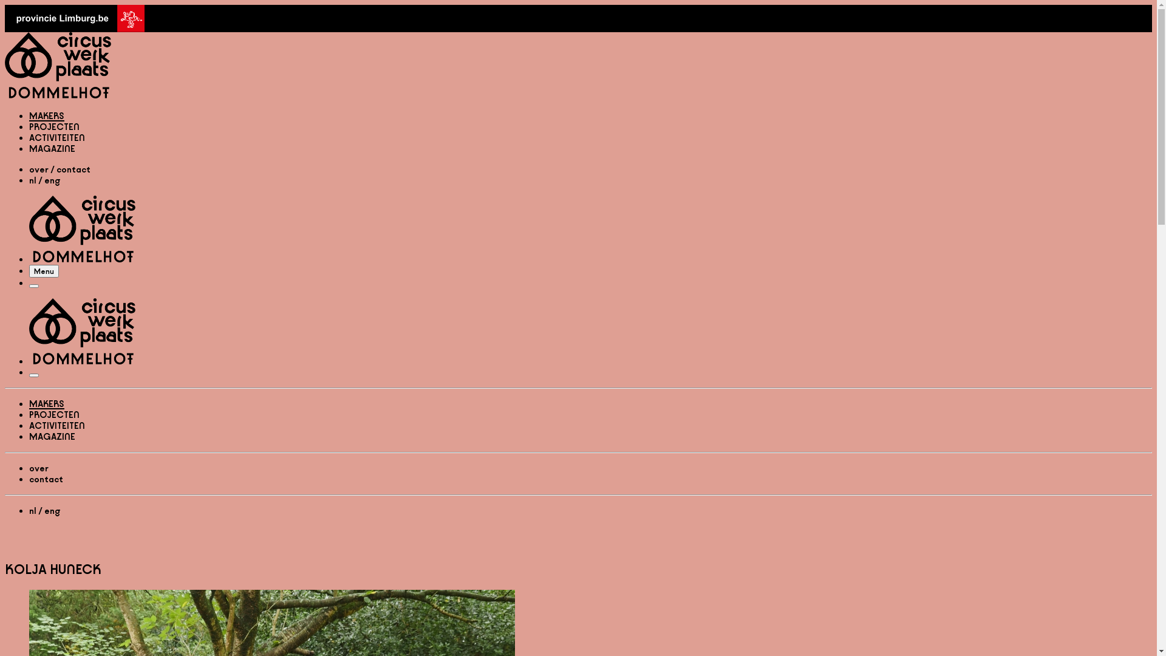 This screenshot has width=1166, height=656. I want to click on 'ACTIVITEITEN', so click(56, 425).